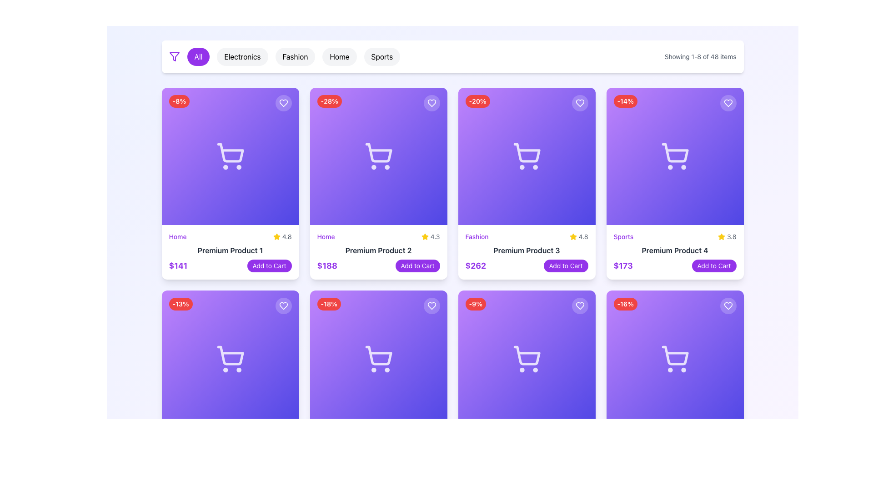 The image size is (873, 491). I want to click on the heart icon button located in the top-right corner of the second product card in the first row, so click(283, 103).